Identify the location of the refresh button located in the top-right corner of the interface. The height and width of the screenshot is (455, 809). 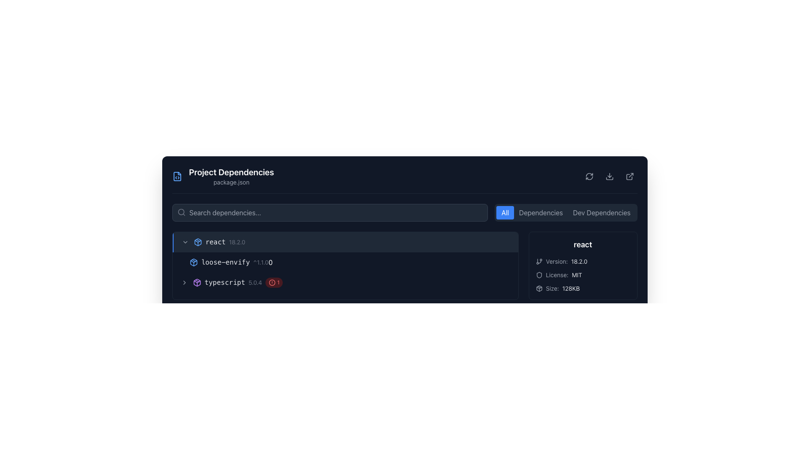
(589, 176).